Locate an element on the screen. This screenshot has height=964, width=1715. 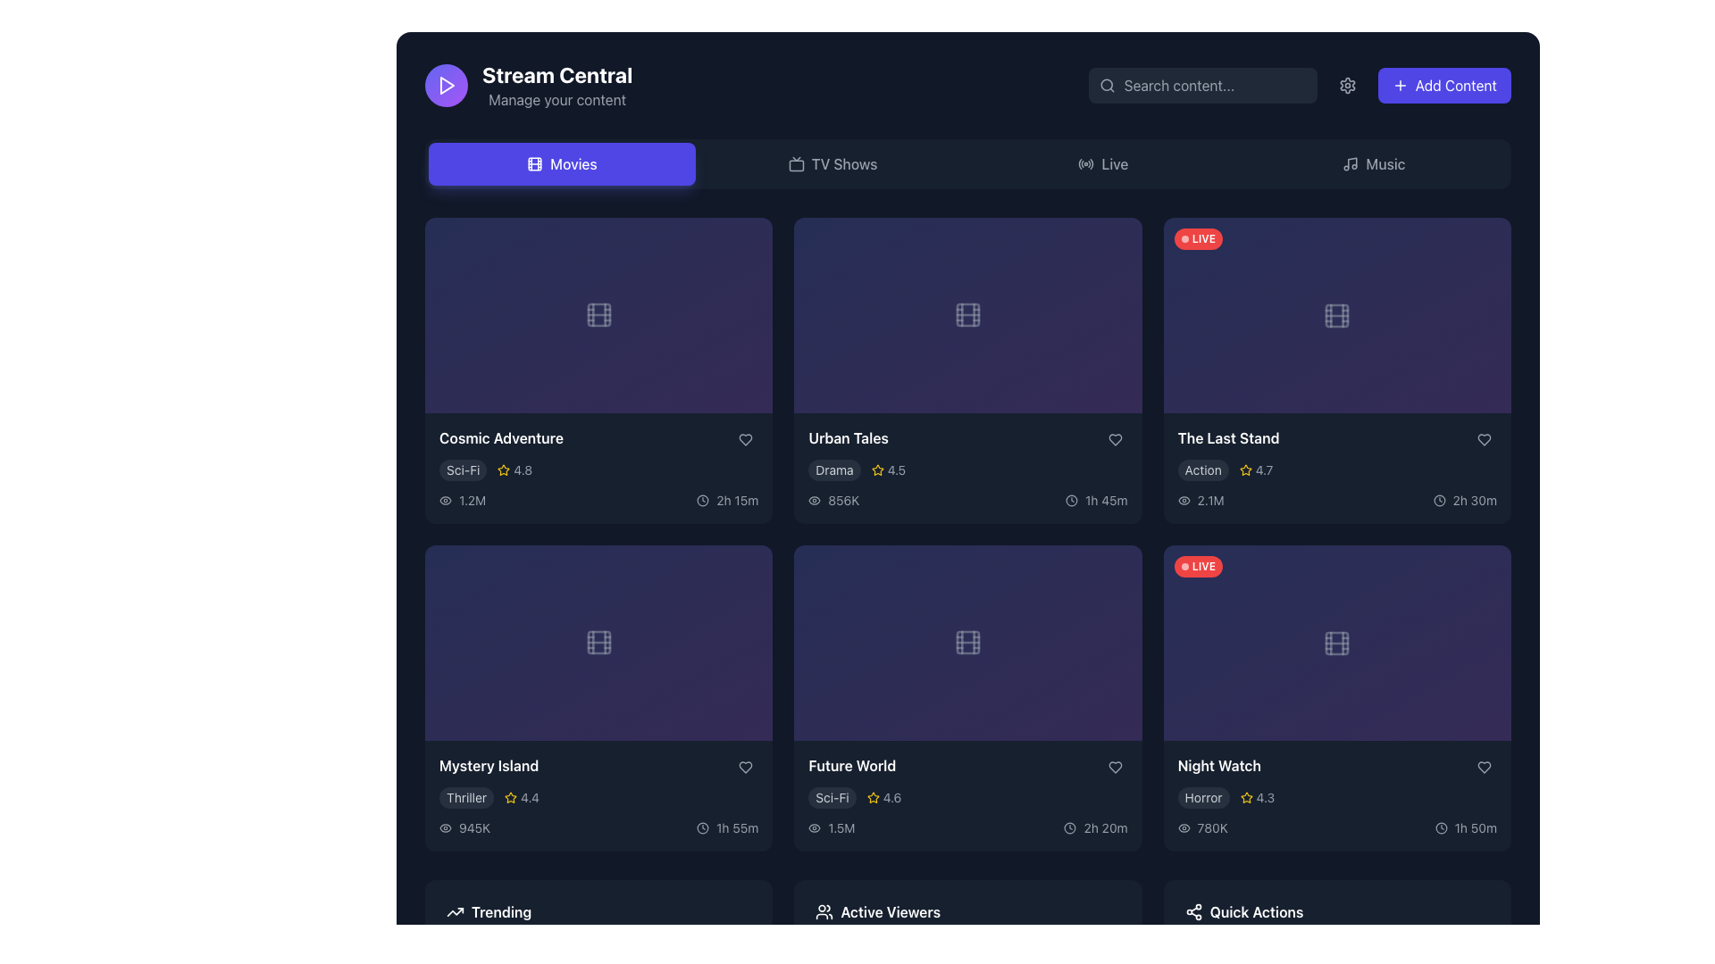
the yellow star icon representing the rating for 'Cosmic Adventure', which is located to the left of the numeric rating value (4.8) is located at coordinates (503, 469).